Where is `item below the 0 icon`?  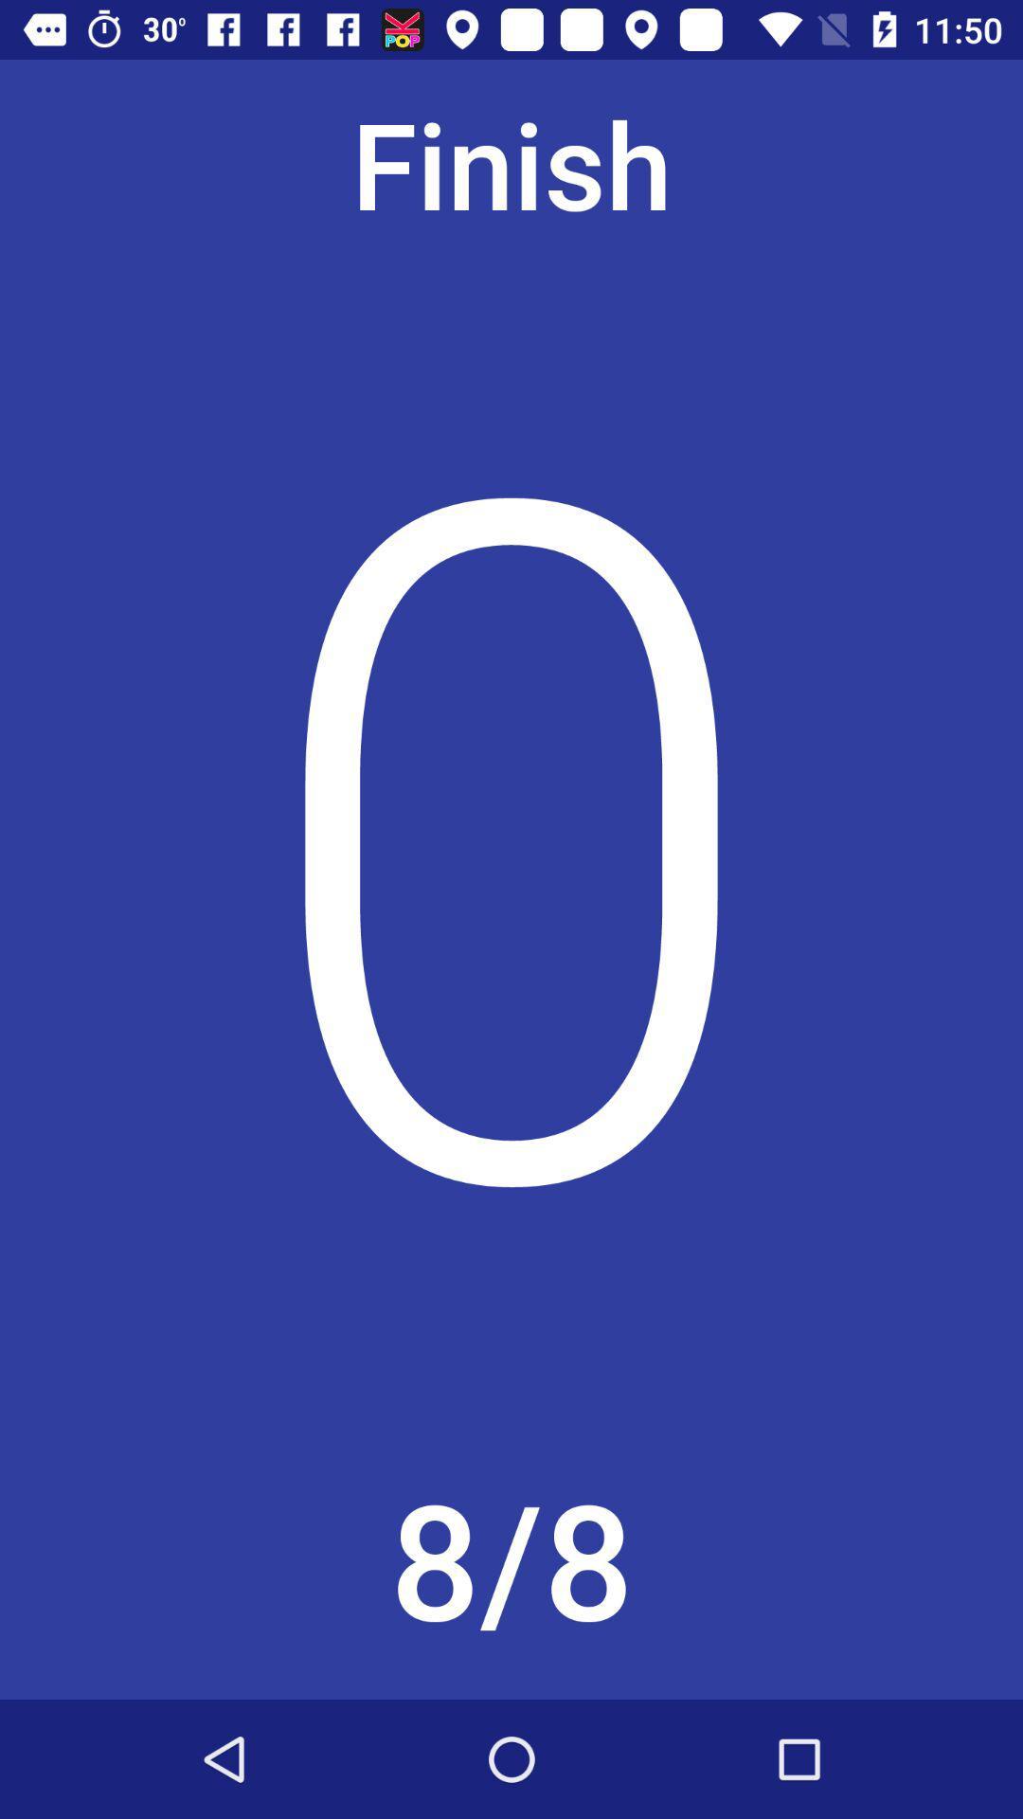
item below the 0 icon is located at coordinates (511, 1566).